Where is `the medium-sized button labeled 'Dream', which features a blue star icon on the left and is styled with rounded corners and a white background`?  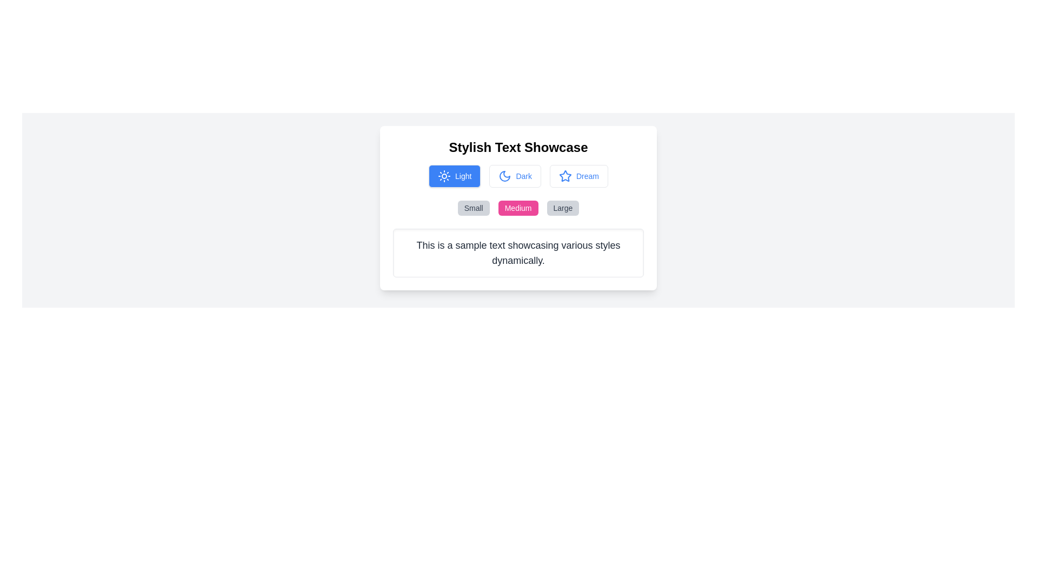
the medium-sized button labeled 'Dream', which features a blue star icon on the left and is styled with rounded corners and a white background is located at coordinates (578, 176).